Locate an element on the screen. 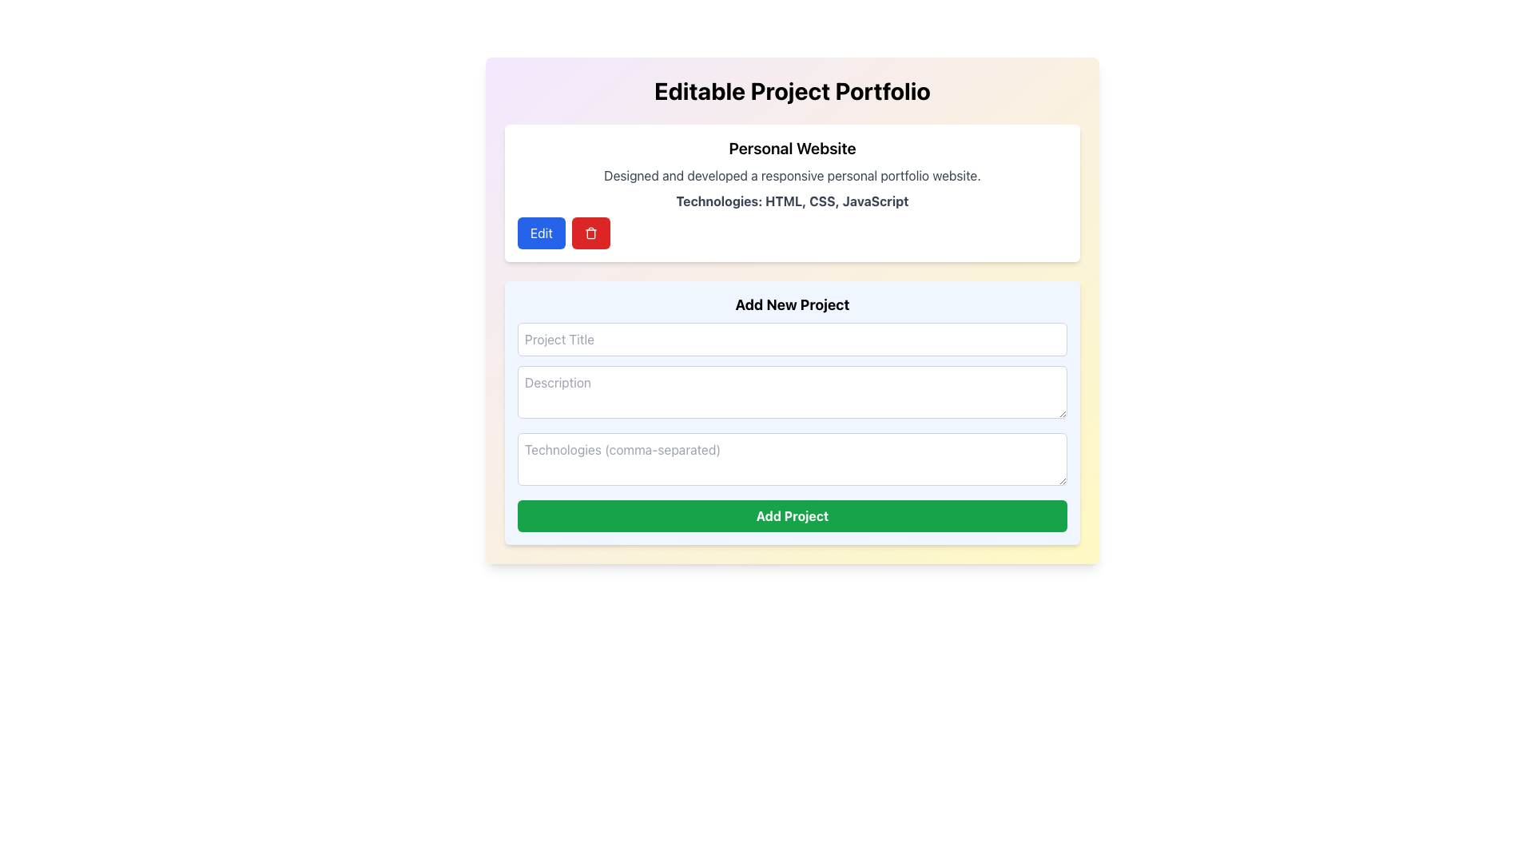  the header text that displays 'Add New Project', which is bold, larger in font size, and centered above the input fields is located at coordinates (793, 304).